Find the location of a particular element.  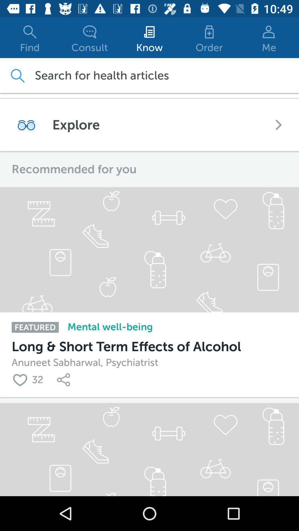

seach for health articles is located at coordinates (17, 75).